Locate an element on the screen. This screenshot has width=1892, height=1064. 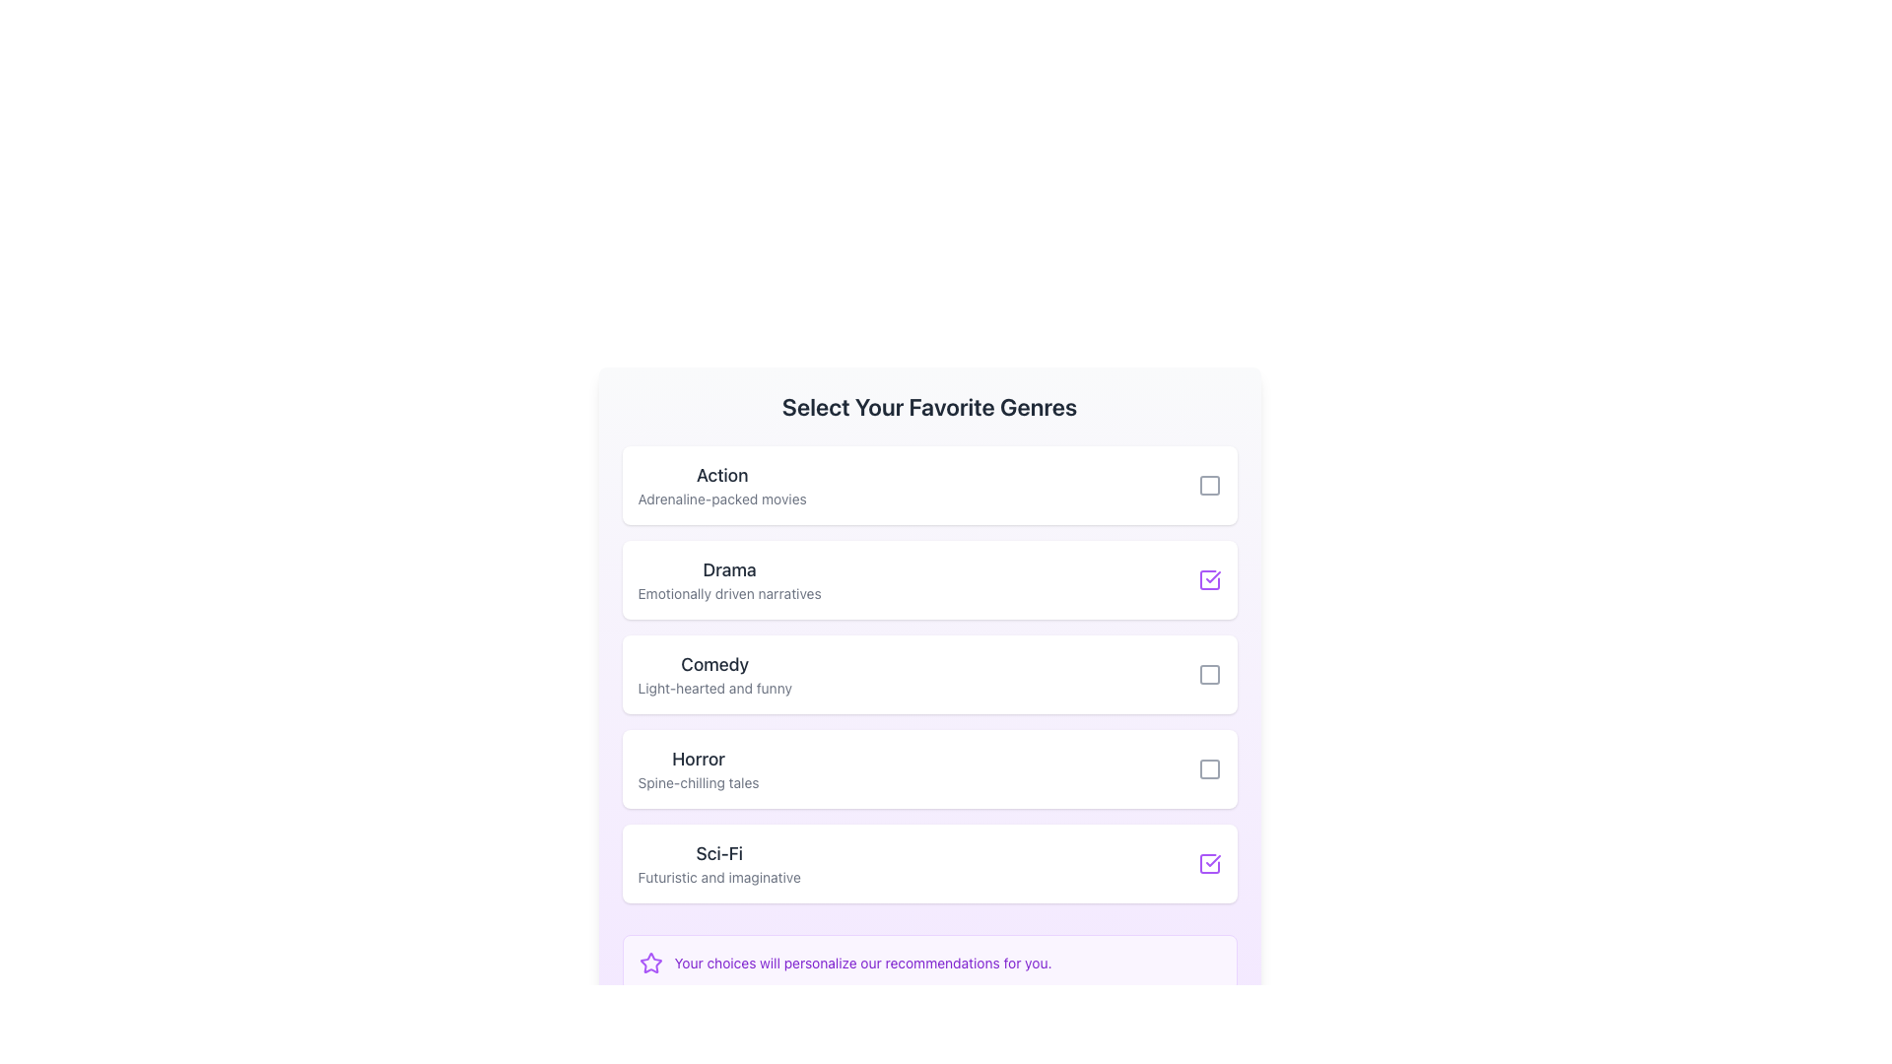
the header text label for the horror genre, which is the third element in a vertical list, positioned between 'Comedy' and 'Sci-Fi' is located at coordinates (699, 759).